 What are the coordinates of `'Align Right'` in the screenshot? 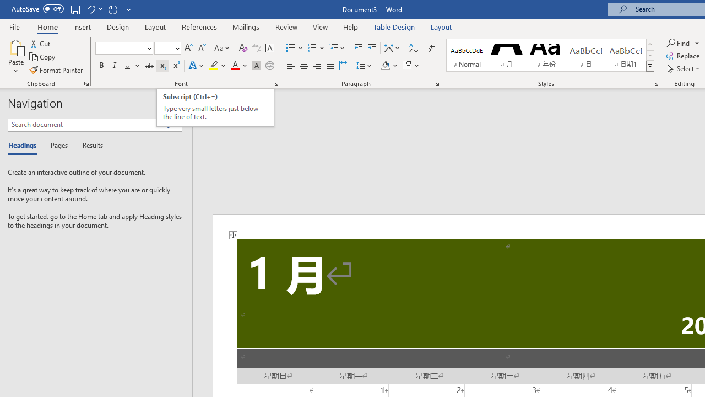 It's located at (317, 66).